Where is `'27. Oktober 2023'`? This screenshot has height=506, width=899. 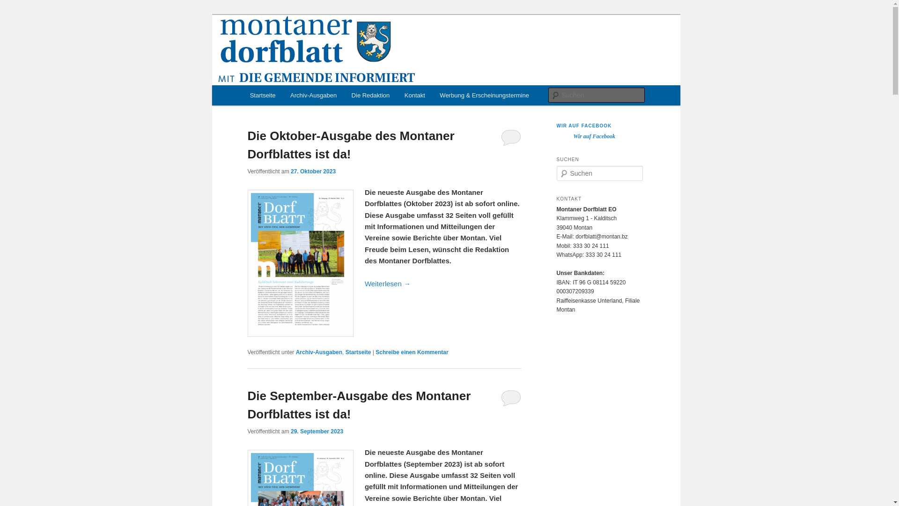 '27. Oktober 2023' is located at coordinates (290, 171).